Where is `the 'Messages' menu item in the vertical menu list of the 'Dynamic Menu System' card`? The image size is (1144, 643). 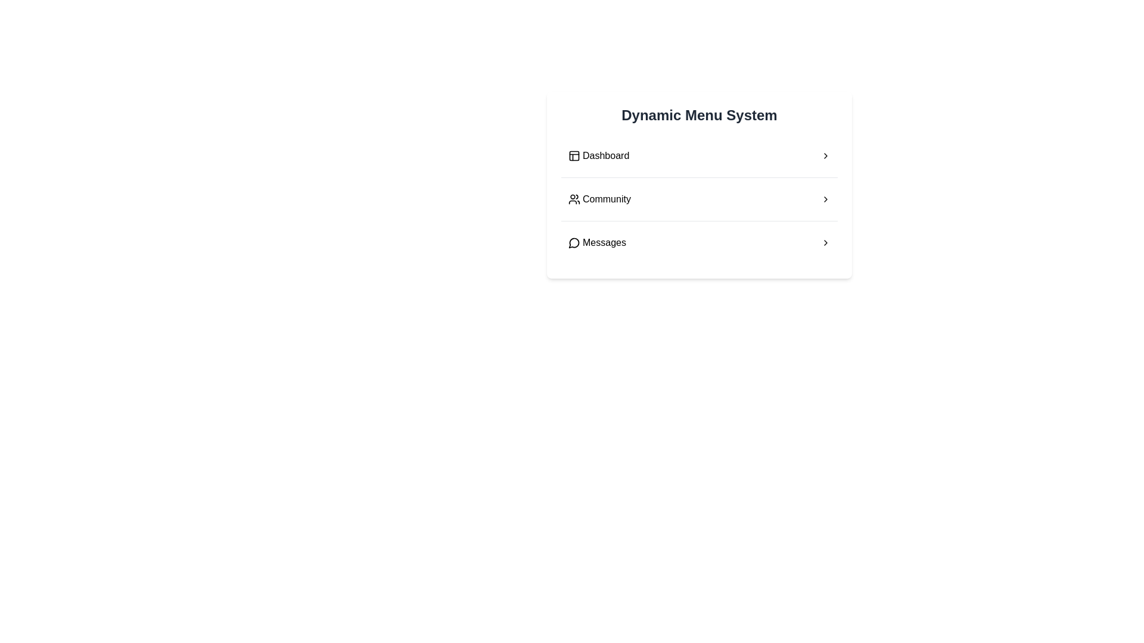 the 'Messages' menu item in the vertical menu list of the 'Dynamic Menu System' card is located at coordinates (700, 242).